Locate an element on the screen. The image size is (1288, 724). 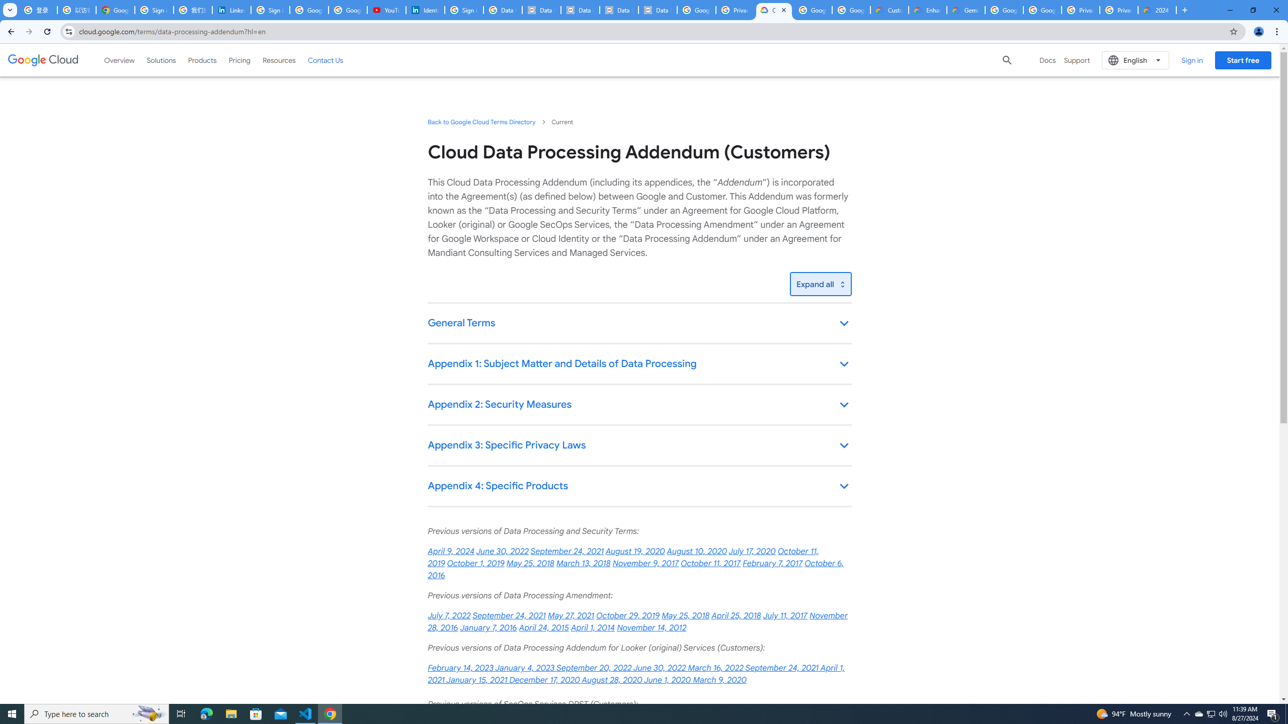
'July 7, 2022' is located at coordinates (449, 616).